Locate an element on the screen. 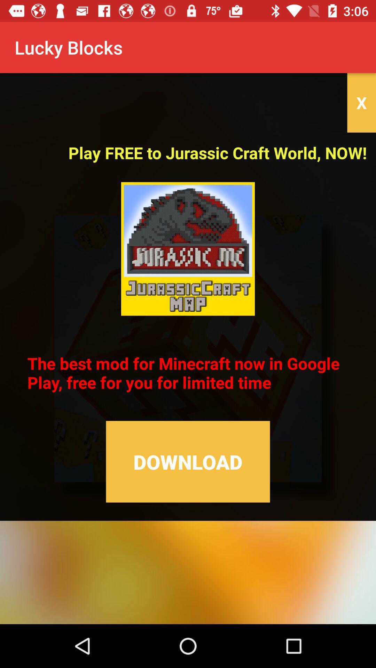  the download is located at coordinates (188, 462).